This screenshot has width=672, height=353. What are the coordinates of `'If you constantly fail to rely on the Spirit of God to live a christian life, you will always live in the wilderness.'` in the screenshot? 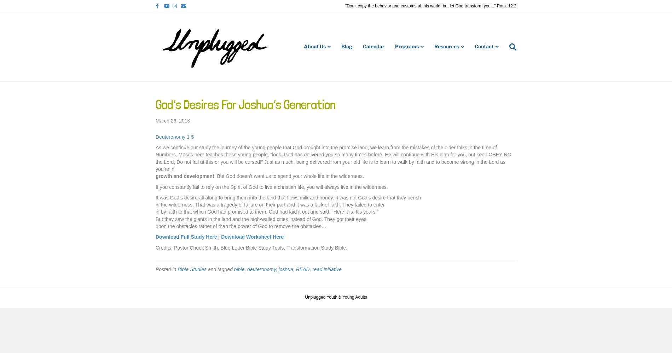 It's located at (271, 187).